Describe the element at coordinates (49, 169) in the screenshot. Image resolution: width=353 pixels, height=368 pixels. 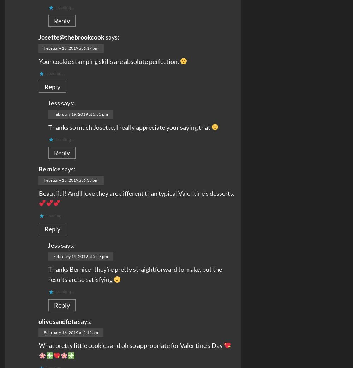
I see `'Bernice'` at that location.